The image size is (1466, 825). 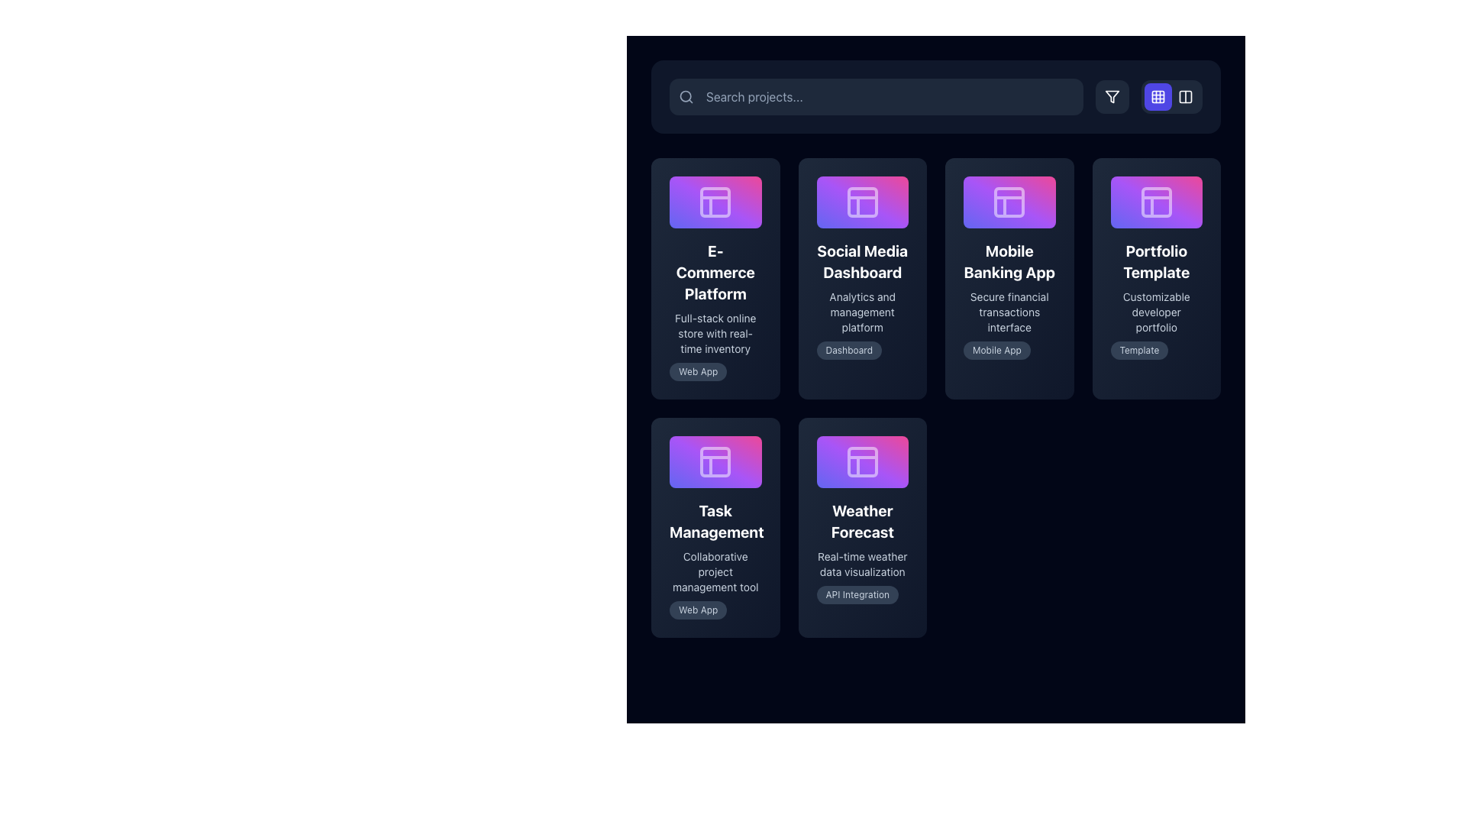 What do you see at coordinates (715, 461) in the screenshot?
I see `the card header with an icon representing the 'Task Management' project type, which is located in the second row and first column of the card grid` at bounding box center [715, 461].